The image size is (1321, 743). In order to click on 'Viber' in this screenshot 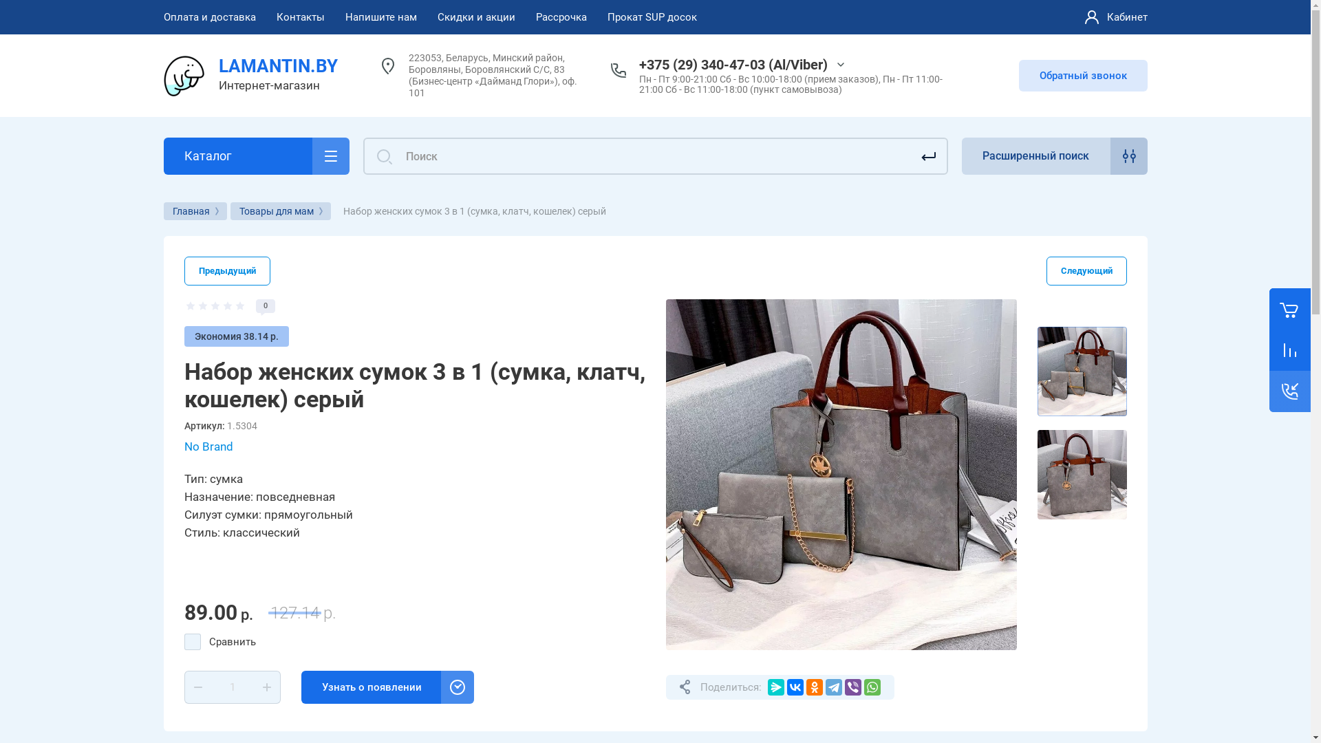, I will do `click(844, 687)`.